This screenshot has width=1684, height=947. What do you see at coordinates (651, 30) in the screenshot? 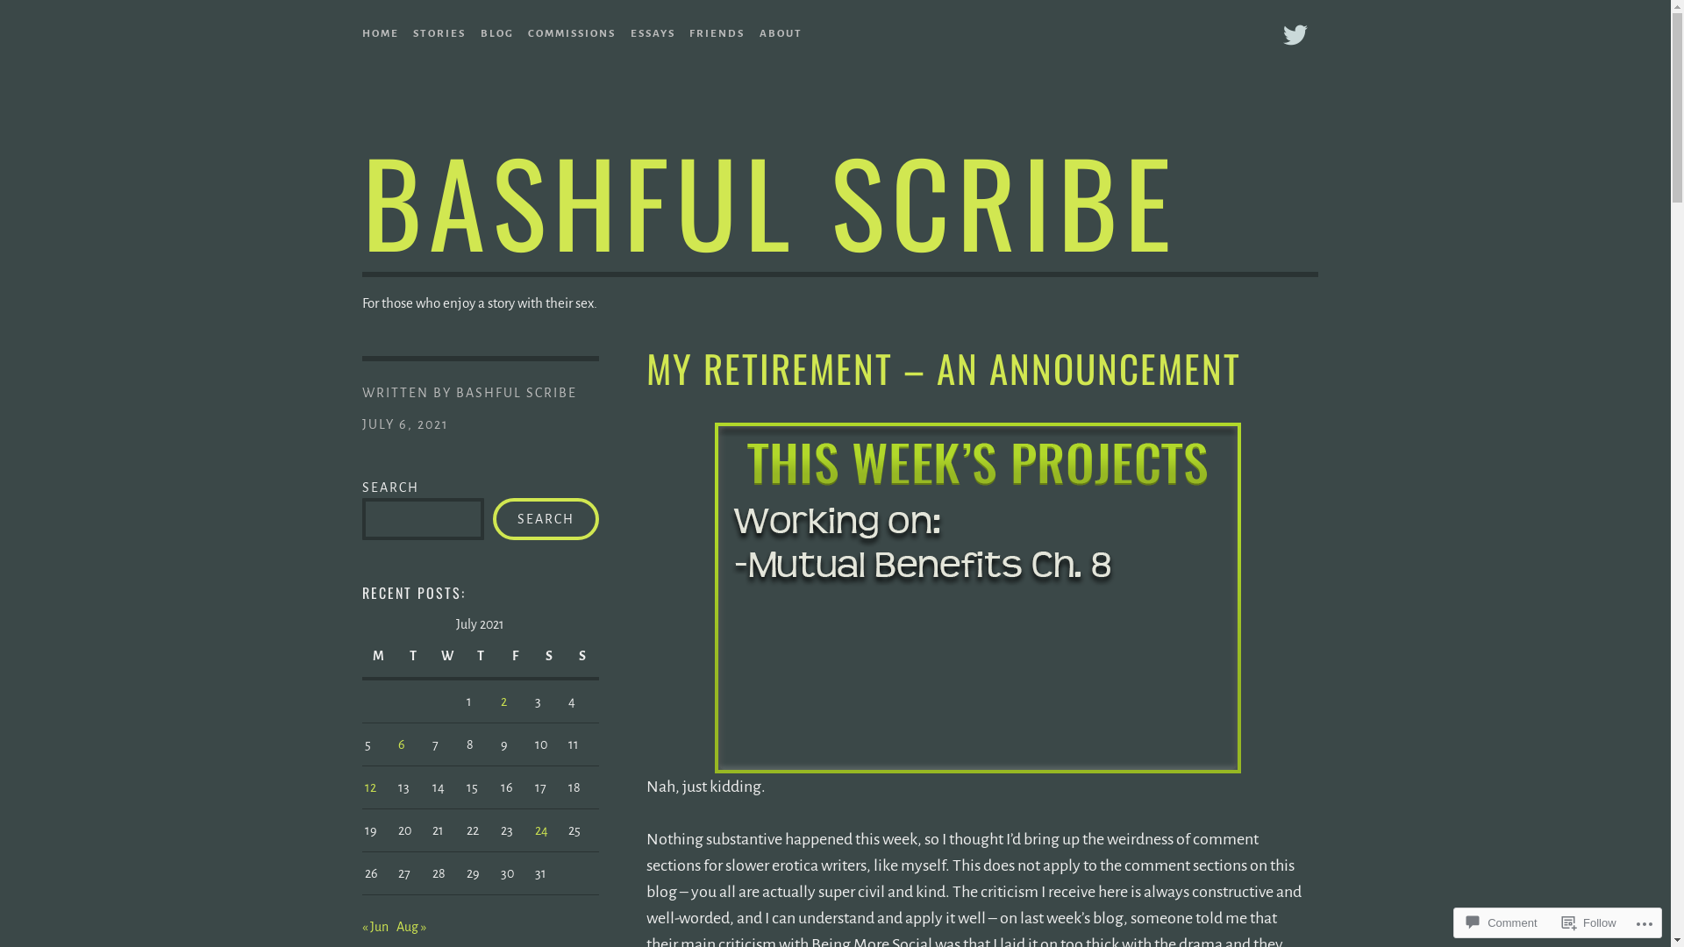
I see `'ESSAYS'` at bounding box center [651, 30].